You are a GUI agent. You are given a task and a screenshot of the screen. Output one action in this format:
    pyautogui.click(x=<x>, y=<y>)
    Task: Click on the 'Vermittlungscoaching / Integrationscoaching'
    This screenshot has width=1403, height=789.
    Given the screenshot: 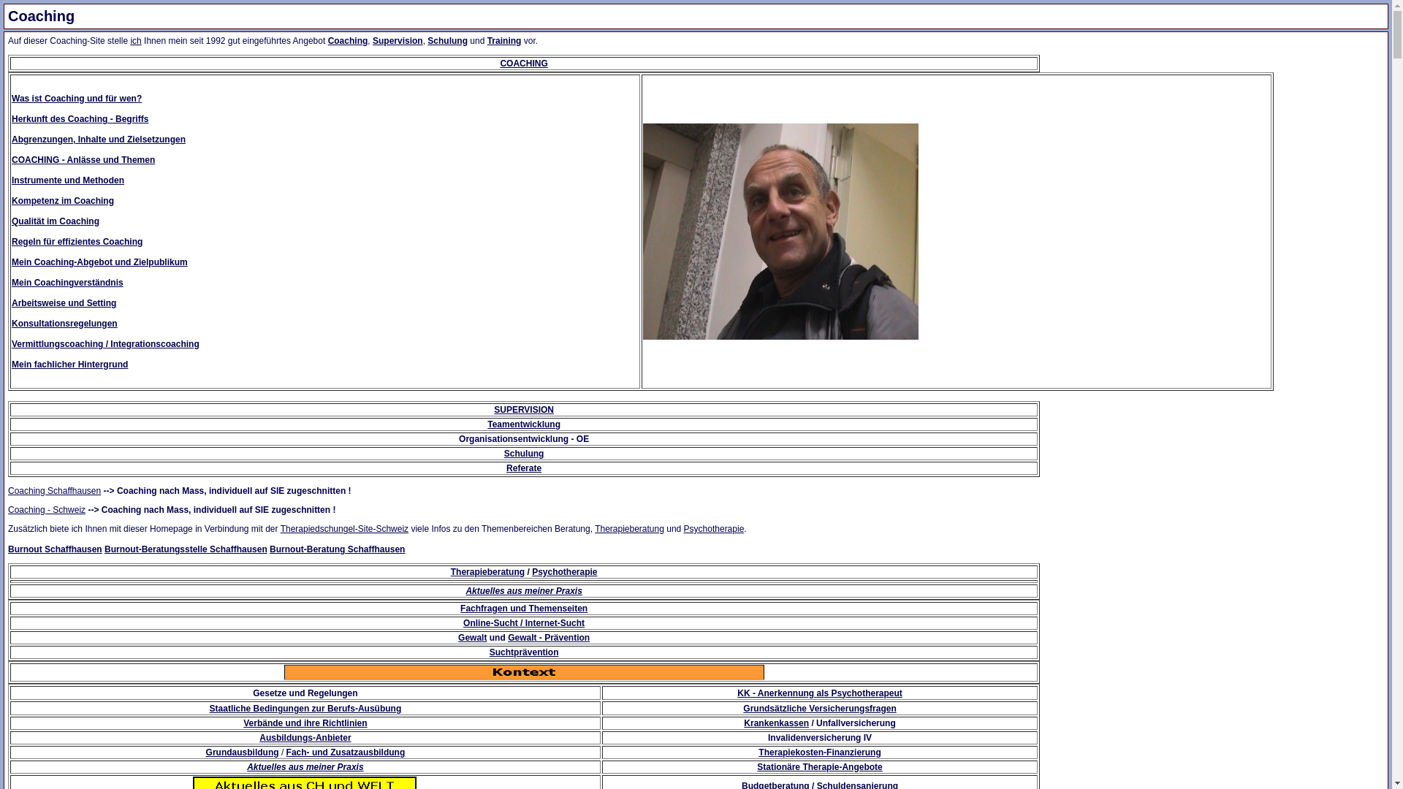 What is the action you would take?
    pyautogui.click(x=104, y=343)
    